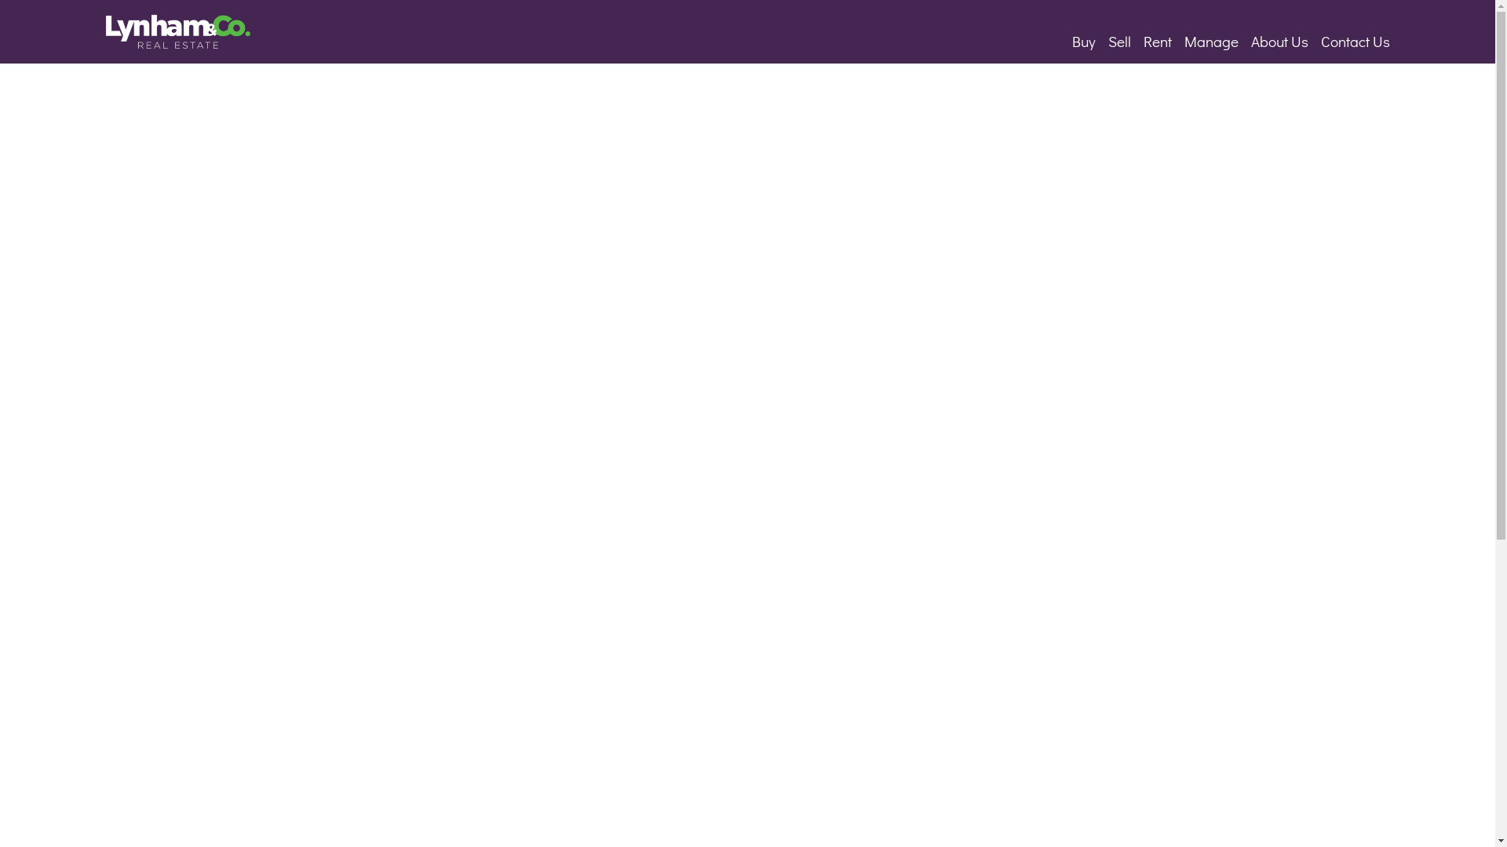  Describe the element at coordinates (1279, 40) in the screenshot. I see `'About Us'` at that location.